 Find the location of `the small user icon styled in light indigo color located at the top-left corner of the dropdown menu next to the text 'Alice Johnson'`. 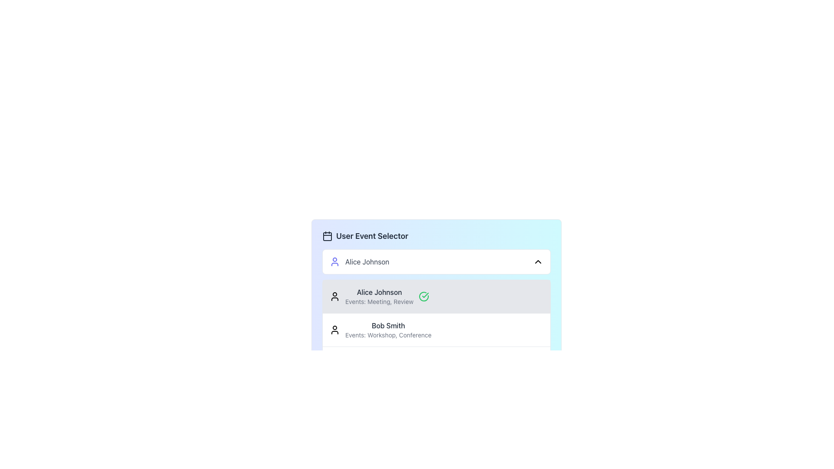

the small user icon styled in light indigo color located at the top-left corner of the dropdown menu next to the text 'Alice Johnson' is located at coordinates (334, 261).